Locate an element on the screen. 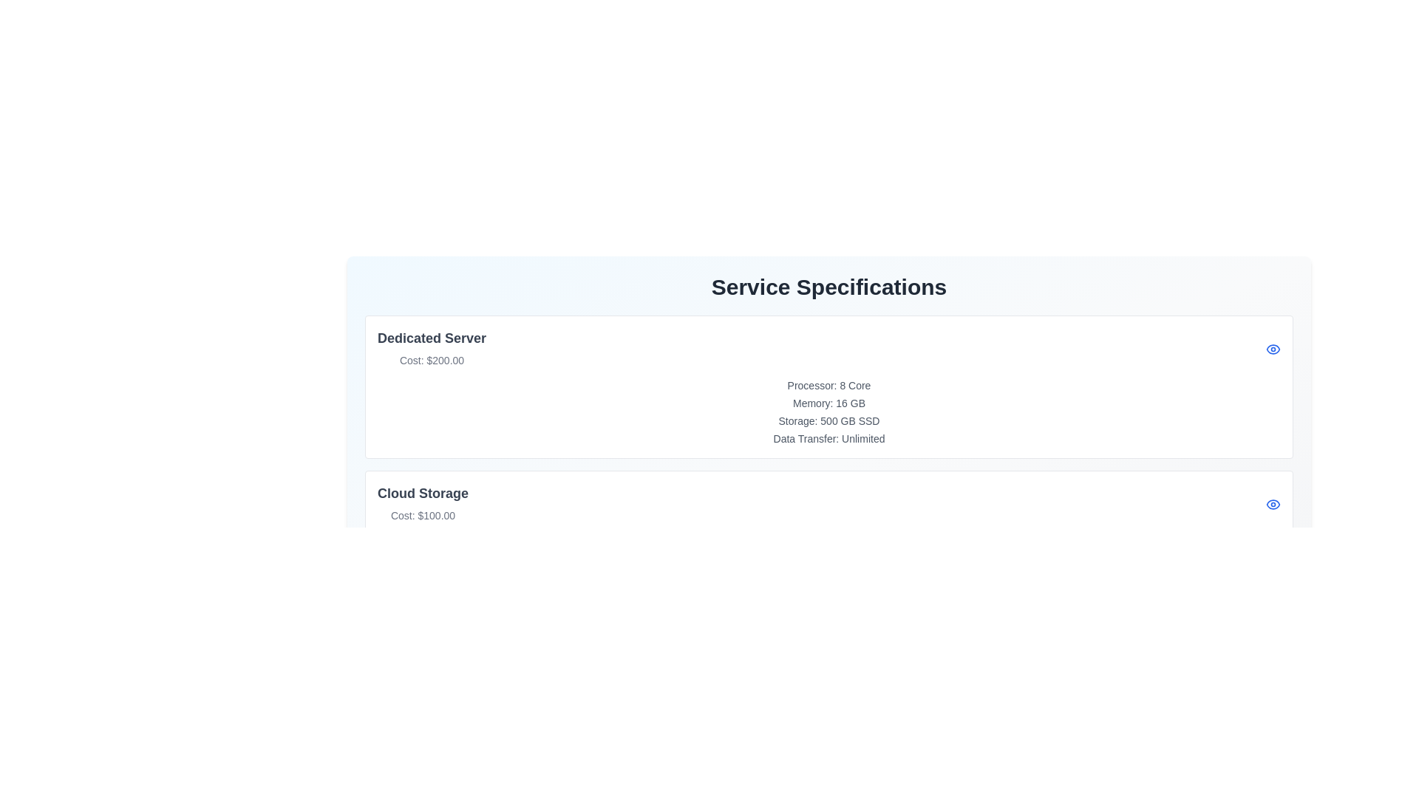 The width and height of the screenshot is (1419, 798). the heading text located at the top section of the light gradient box that introduces content about dedicated servers and cloud storage is located at coordinates (829, 287).